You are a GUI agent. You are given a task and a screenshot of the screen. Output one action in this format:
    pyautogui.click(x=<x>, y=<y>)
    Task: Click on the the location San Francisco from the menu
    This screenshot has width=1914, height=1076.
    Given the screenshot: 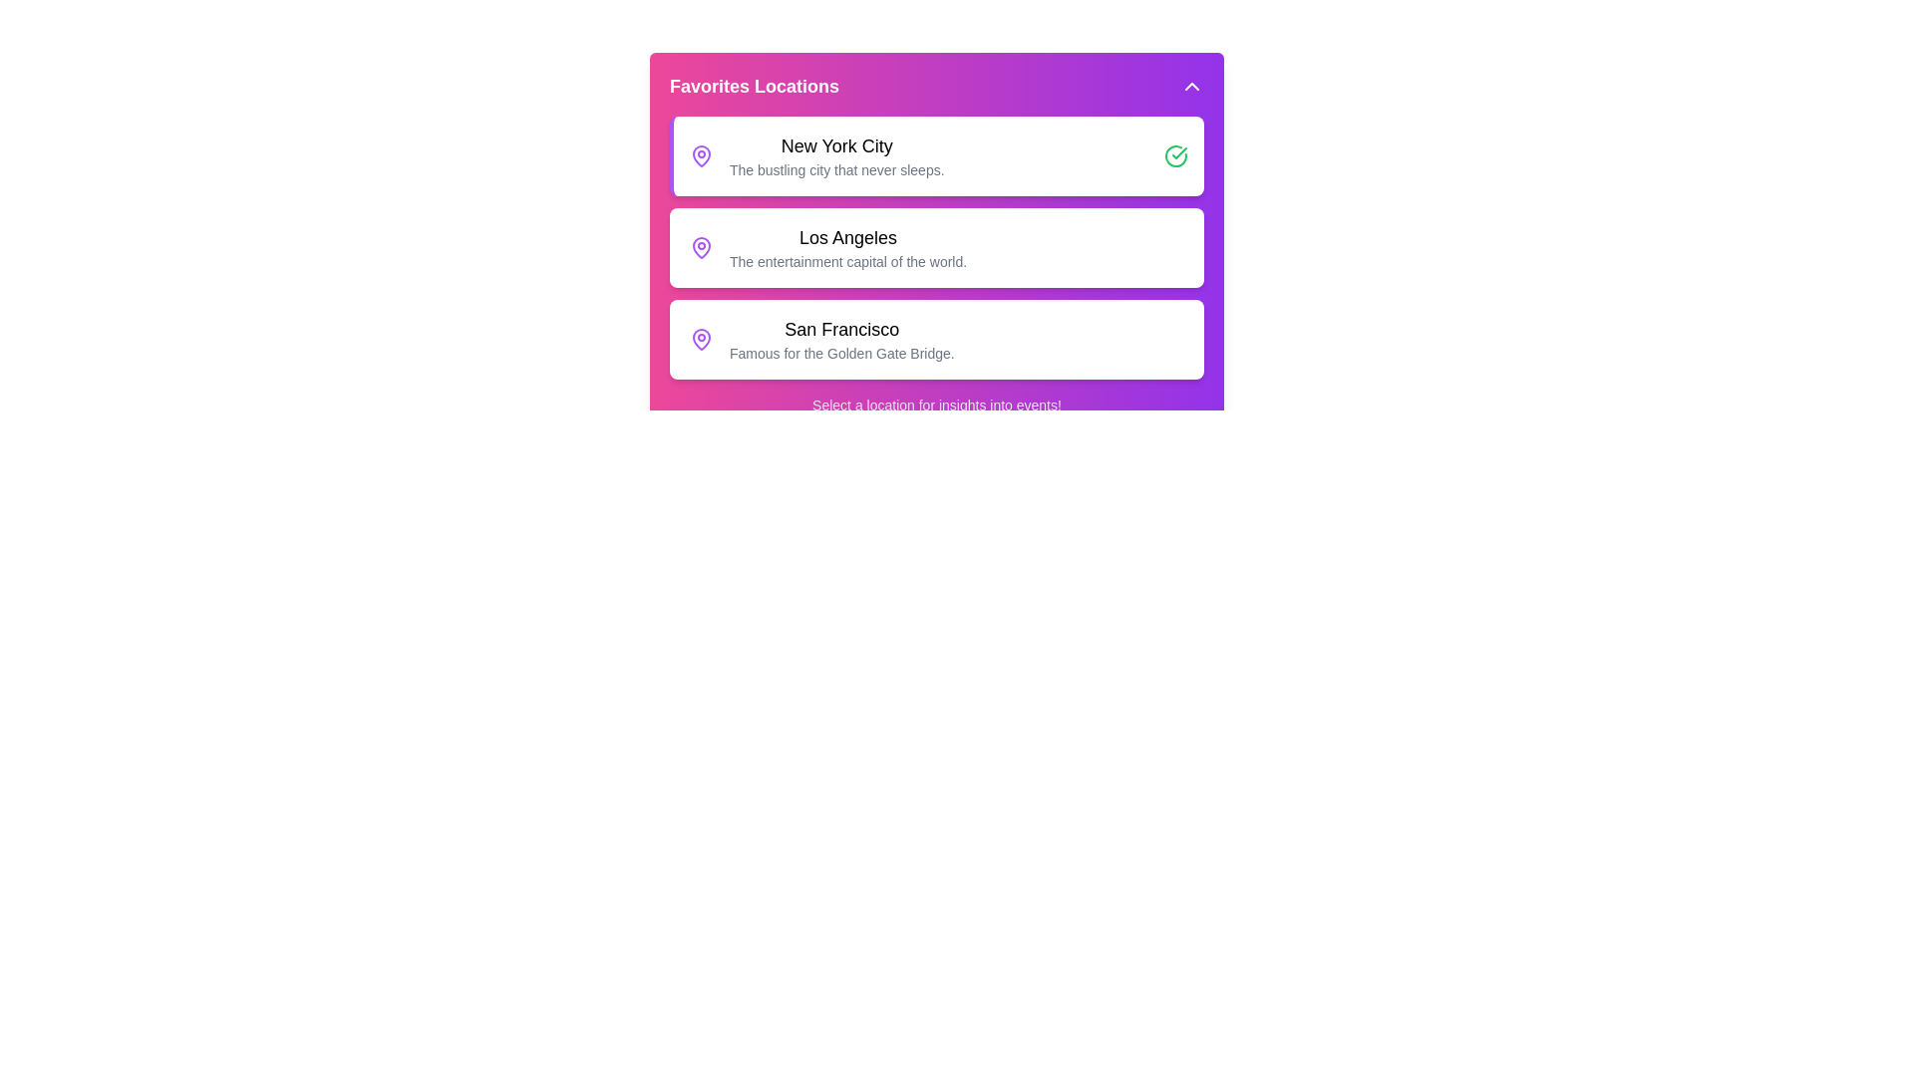 What is the action you would take?
    pyautogui.click(x=936, y=338)
    